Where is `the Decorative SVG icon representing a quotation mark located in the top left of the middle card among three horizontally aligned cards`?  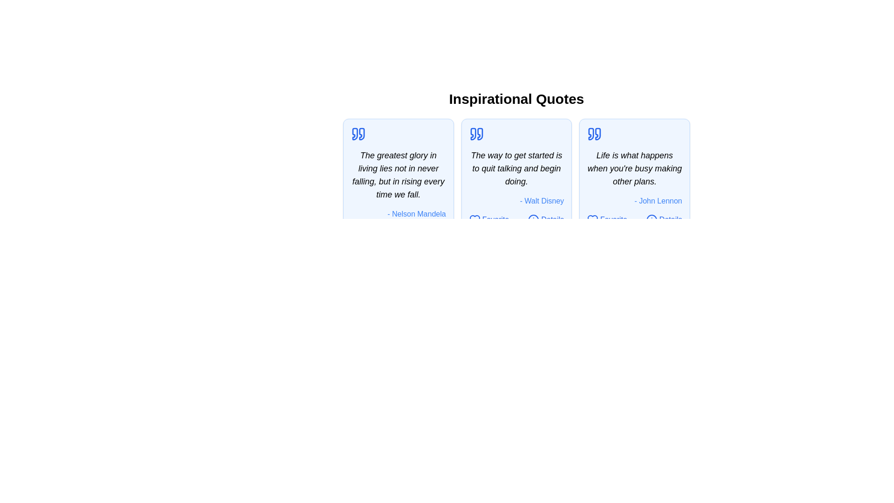
the Decorative SVG icon representing a quotation mark located in the top left of the middle card among three horizontally aligned cards is located at coordinates (473, 134).